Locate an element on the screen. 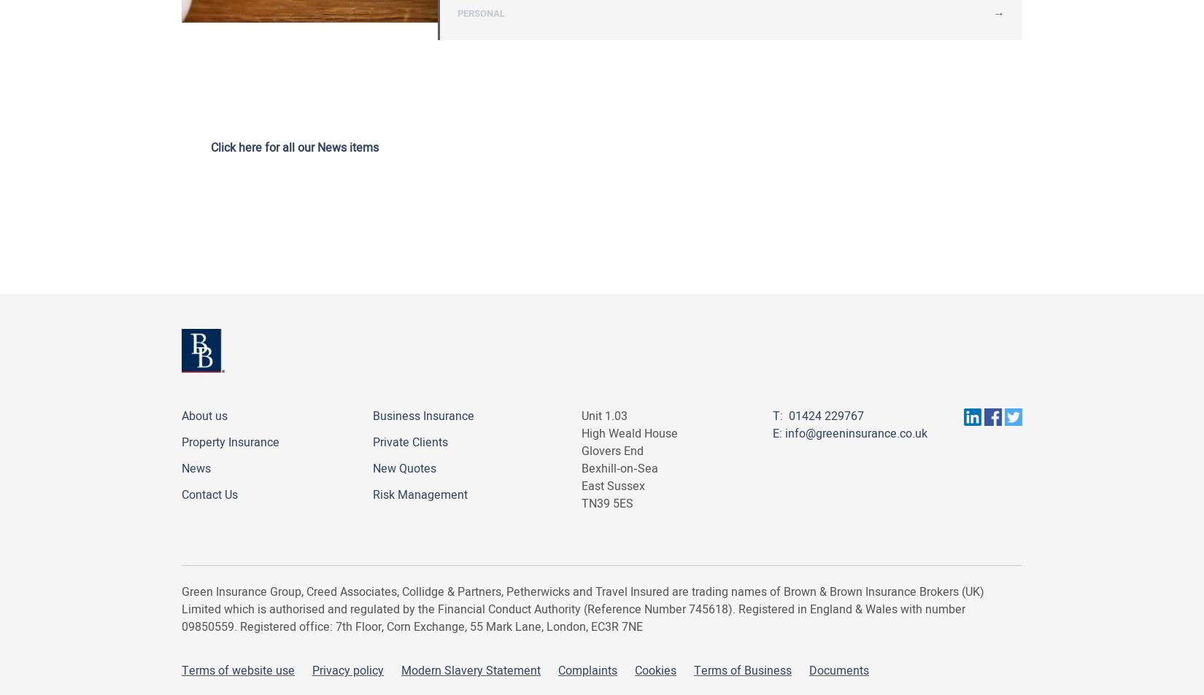  'Modern Slavery Statement' is located at coordinates (400, 671).